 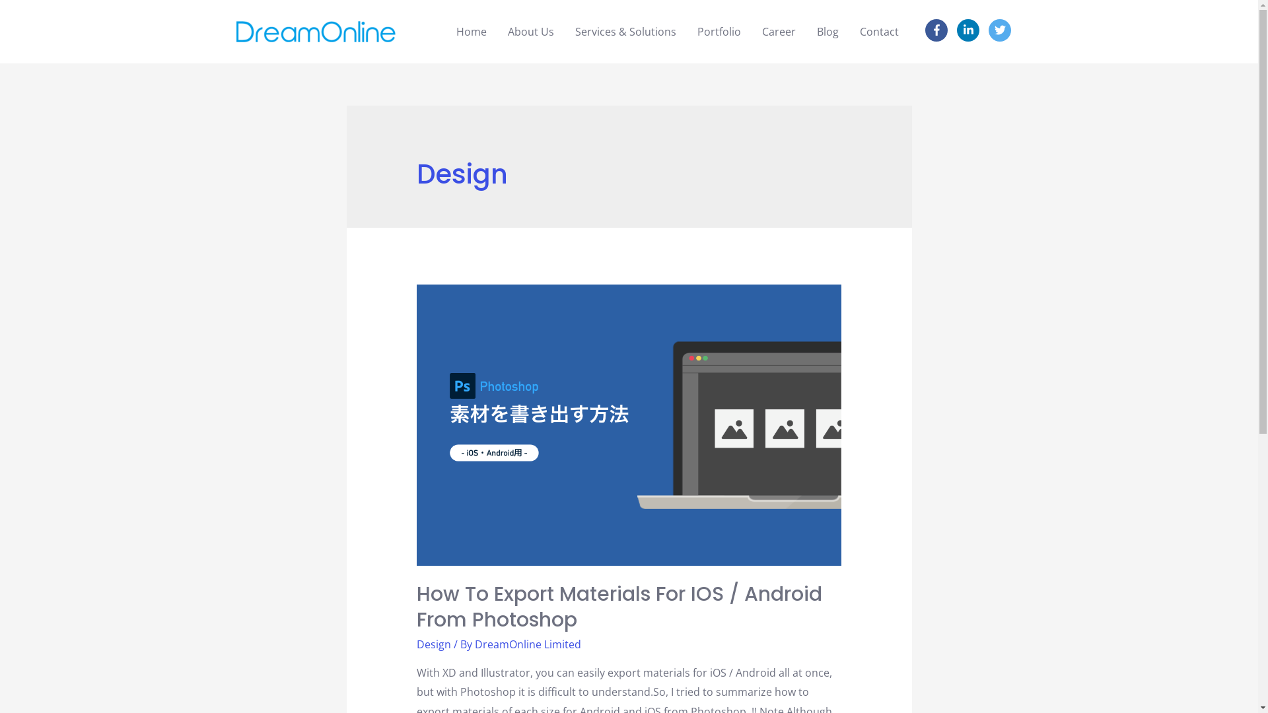 I want to click on 'Contact', so click(x=879, y=30).